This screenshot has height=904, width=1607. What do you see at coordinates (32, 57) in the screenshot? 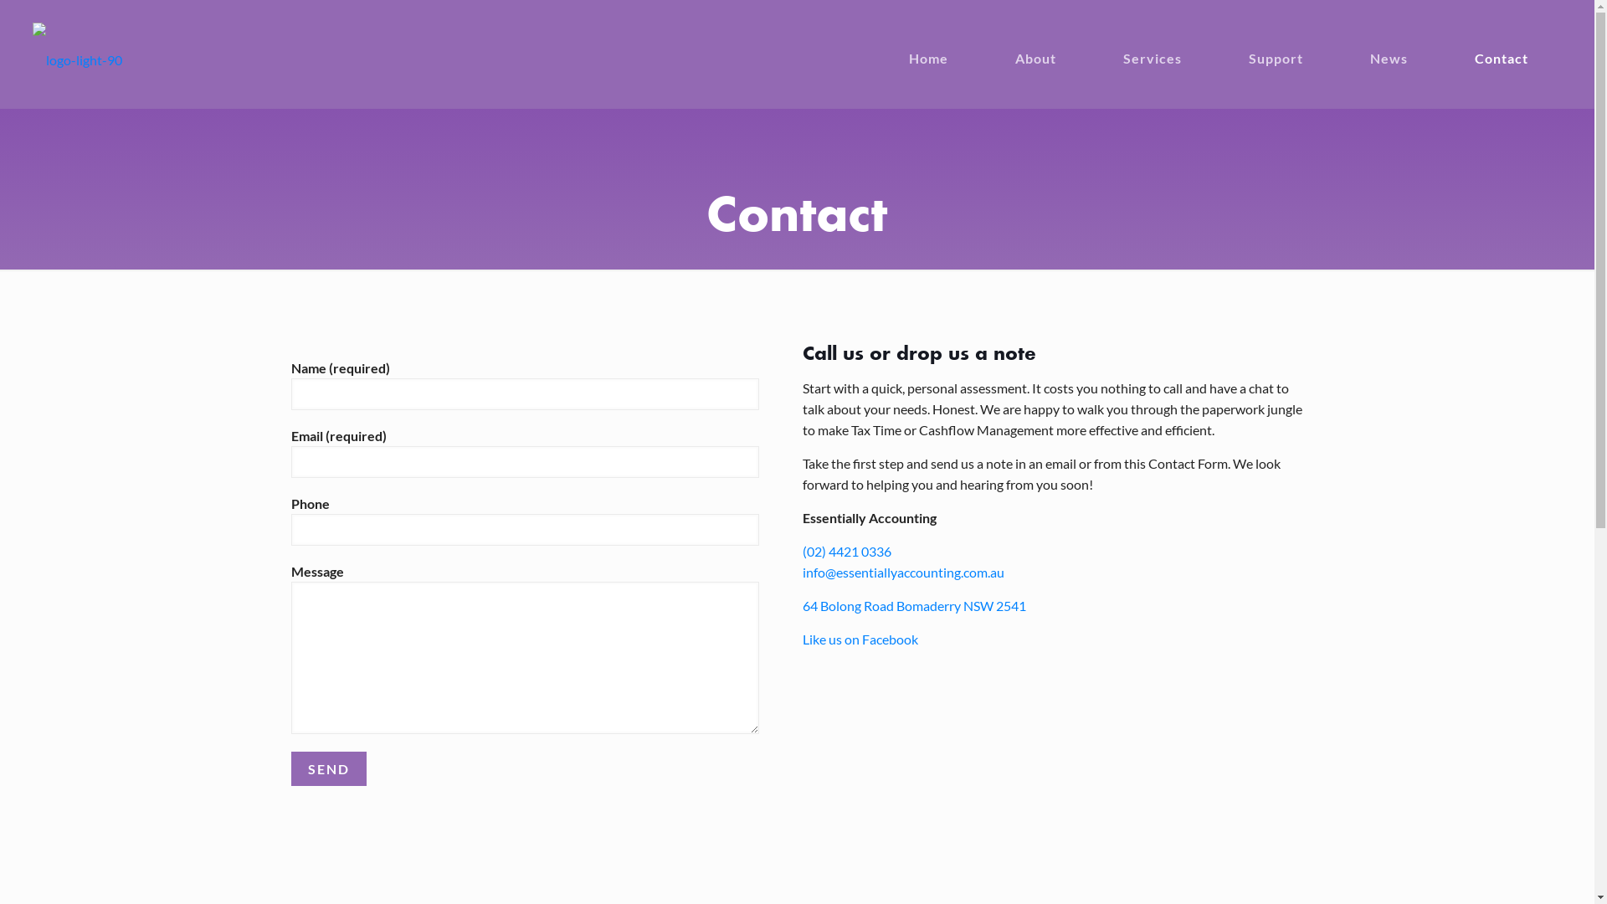
I see `'Essentially Accounting'` at bounding box center [32, 57].